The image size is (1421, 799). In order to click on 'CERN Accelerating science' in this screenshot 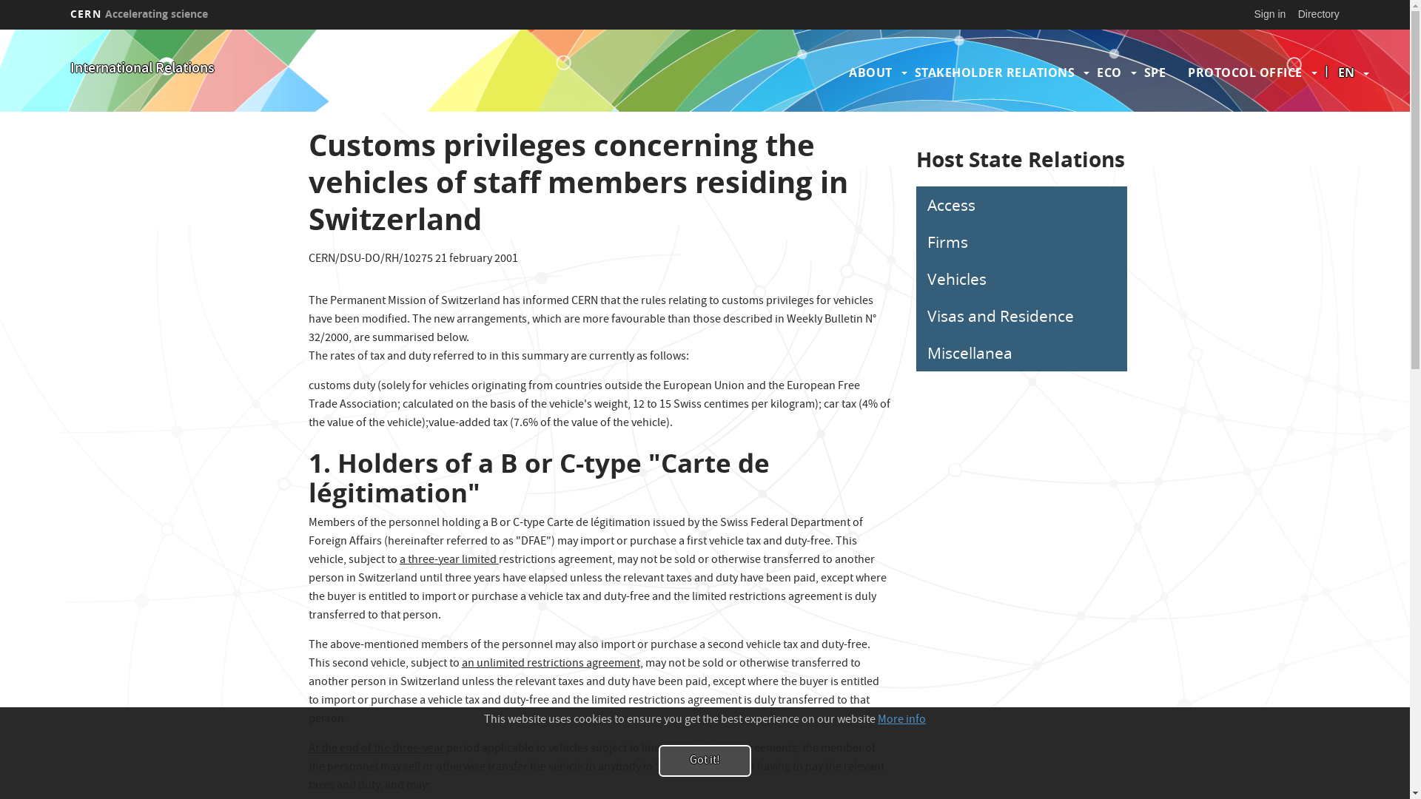, I will do `click(63, 14)`.